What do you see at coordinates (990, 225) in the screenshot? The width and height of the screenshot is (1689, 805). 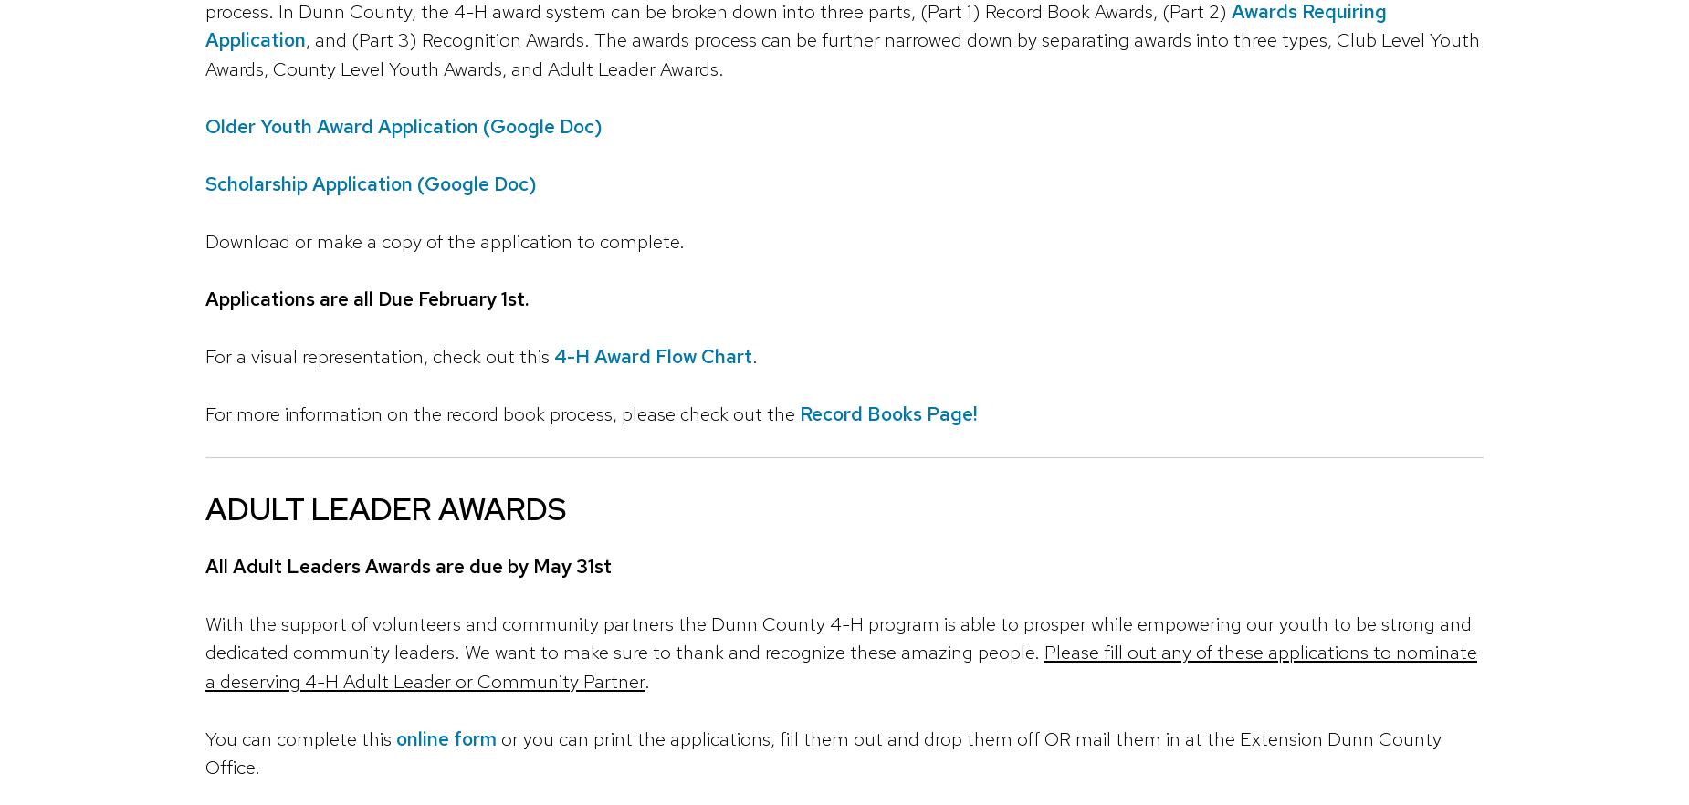 I see `'WI Public Television'` at bounding box center [990, 225].